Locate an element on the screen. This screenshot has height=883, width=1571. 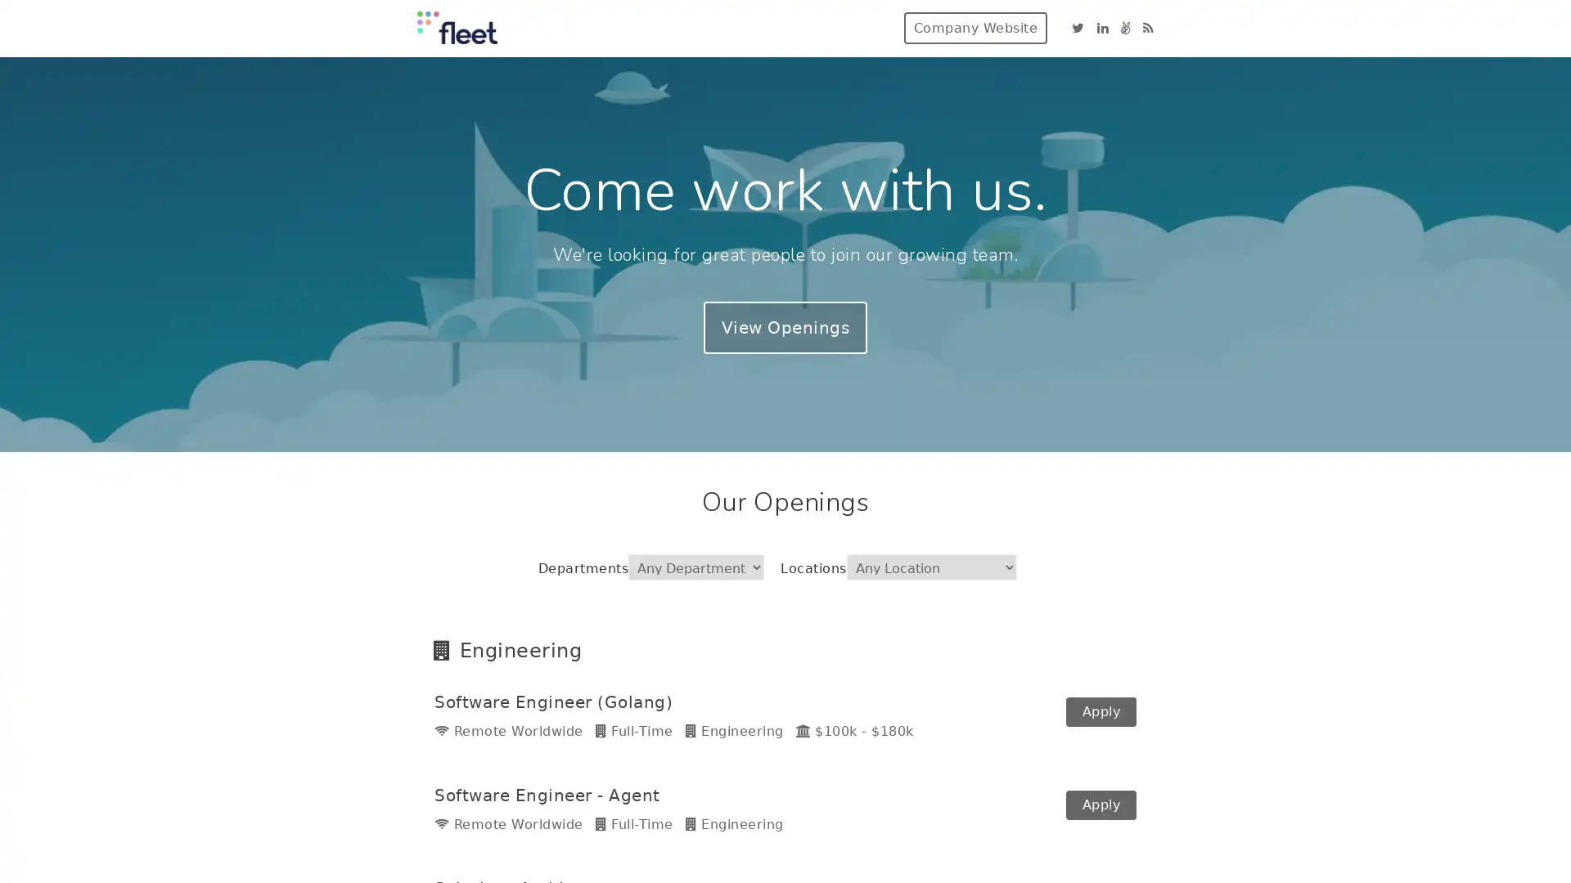
Apply is located at coordinates (1101, 728).